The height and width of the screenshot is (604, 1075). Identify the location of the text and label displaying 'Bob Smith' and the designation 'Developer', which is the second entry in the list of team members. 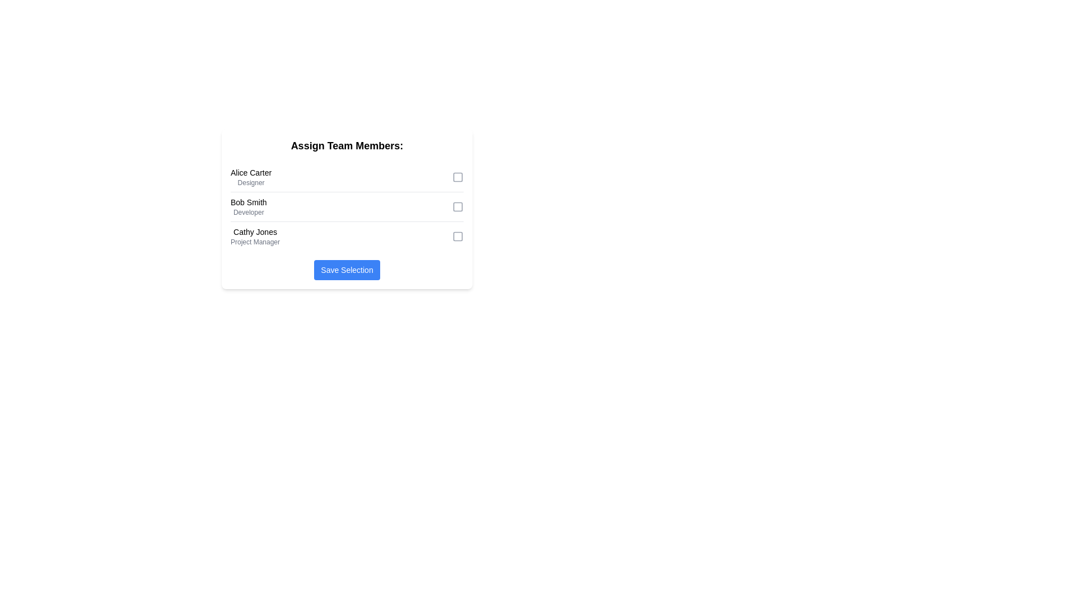
(248, 207).